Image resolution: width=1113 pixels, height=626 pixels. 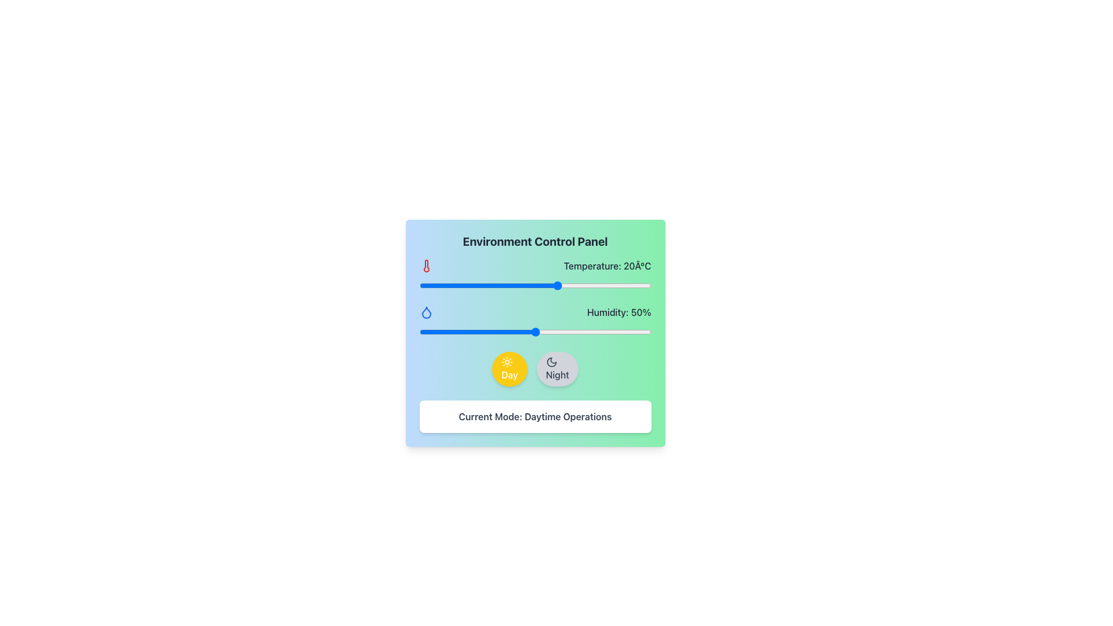 What do you see at coordinates (534, 275) in the screenshot?
I see `the static informational text displaying 'Temperature: 20°C' with a red thermometer icon on the left, located in the 'Environment Control Panel' below the panel's title and above the temperature slider` at bounding box center [534, 275].